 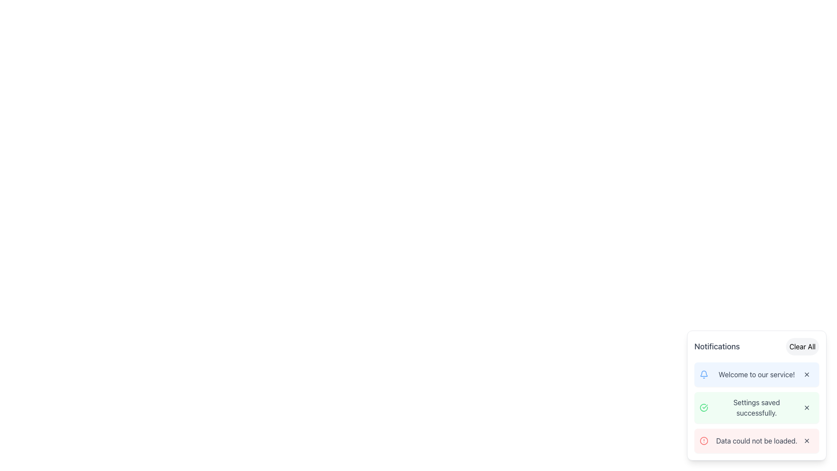 What do you see at coordinates (756, 407) in the screenshot?
I see `contents of the notification message with a light green background that says 'Settings saved successfully.'` at bounding box center [756, 407].